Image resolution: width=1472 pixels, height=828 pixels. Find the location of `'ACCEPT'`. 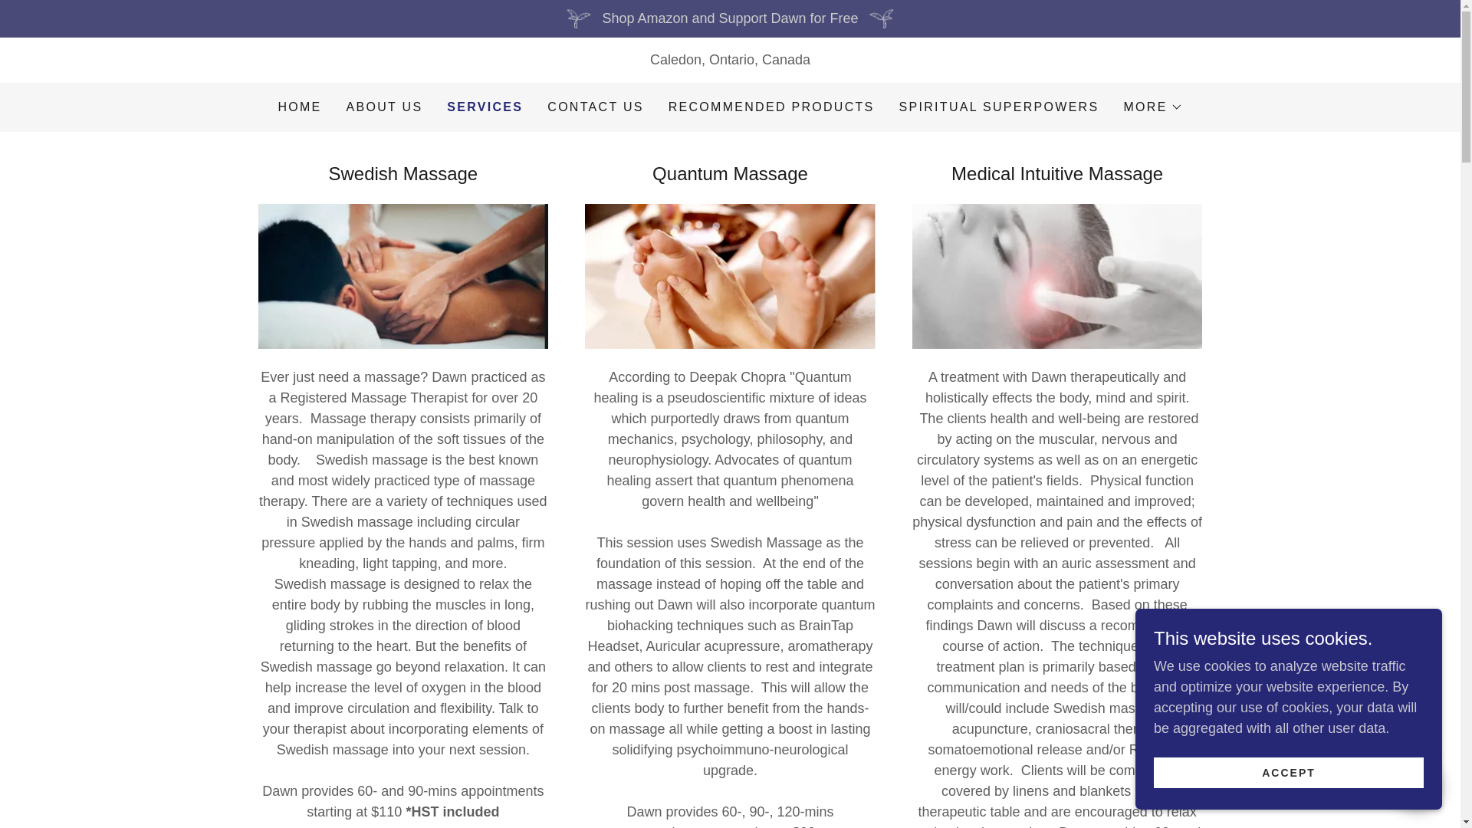

'ACCEPT' is located at coordinates (1288, 772).